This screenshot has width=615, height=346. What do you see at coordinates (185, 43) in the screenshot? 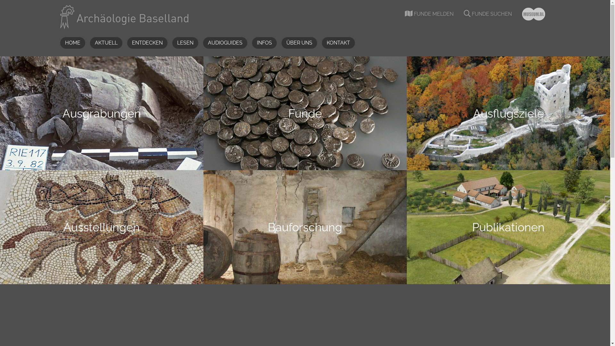
I see `'LESEN'` at bounding box center [185, 43].